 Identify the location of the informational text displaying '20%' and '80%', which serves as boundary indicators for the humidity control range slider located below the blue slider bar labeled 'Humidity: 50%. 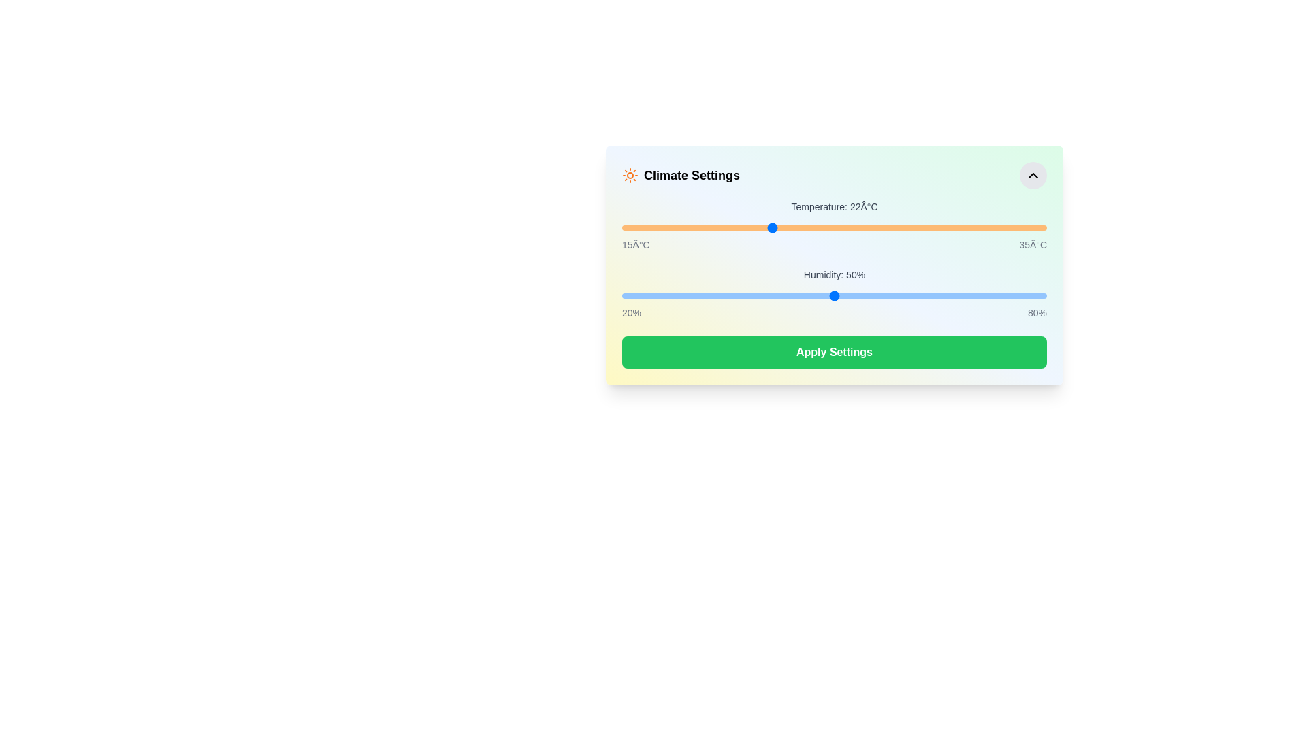
(833, 312).